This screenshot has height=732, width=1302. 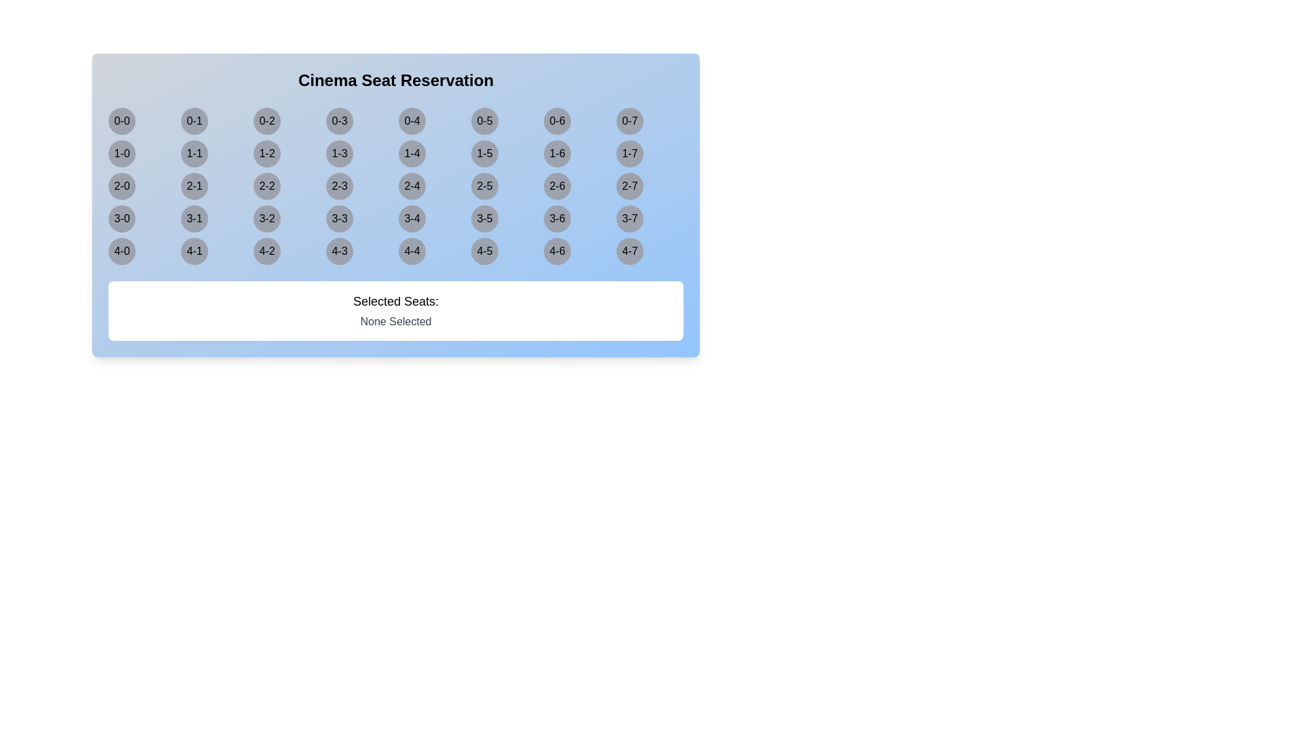 What do you see at coordinates (412, 251) in the screenshot?
I see `the circular button with gray background displaying '4-4'` at bounding box center [412, 251].